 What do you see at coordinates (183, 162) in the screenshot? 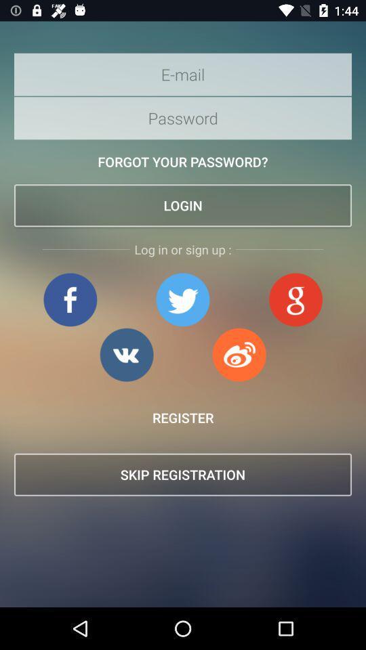
I see `button above the login item` at bounding box center [183, 162].